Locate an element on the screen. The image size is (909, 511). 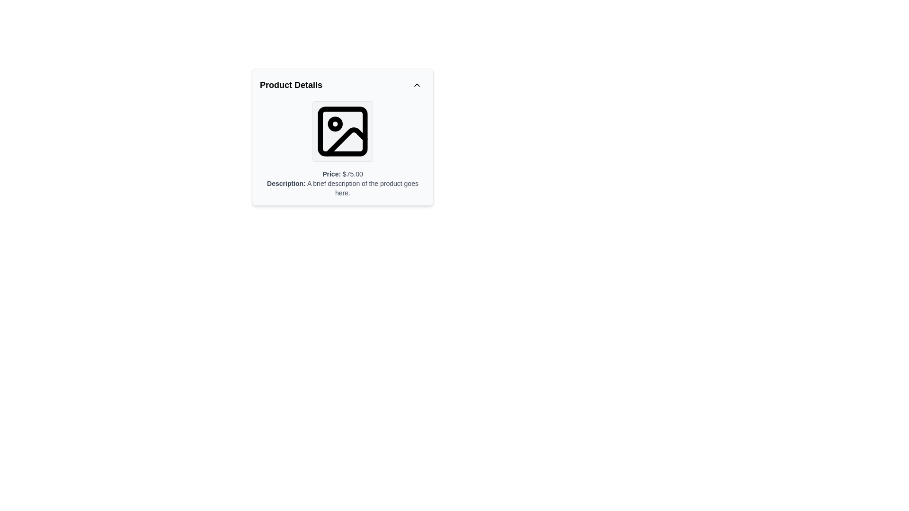
the Product Description Section which includes an image placeholder icon and the title 'Price: $75.00' along with a description text is located at coordinates (342, 149).